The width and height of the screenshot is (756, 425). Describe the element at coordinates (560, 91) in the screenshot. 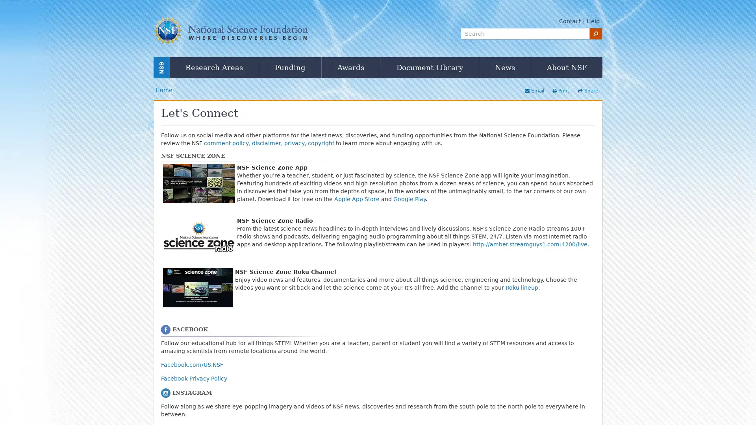

I see `Print this page` at that location.